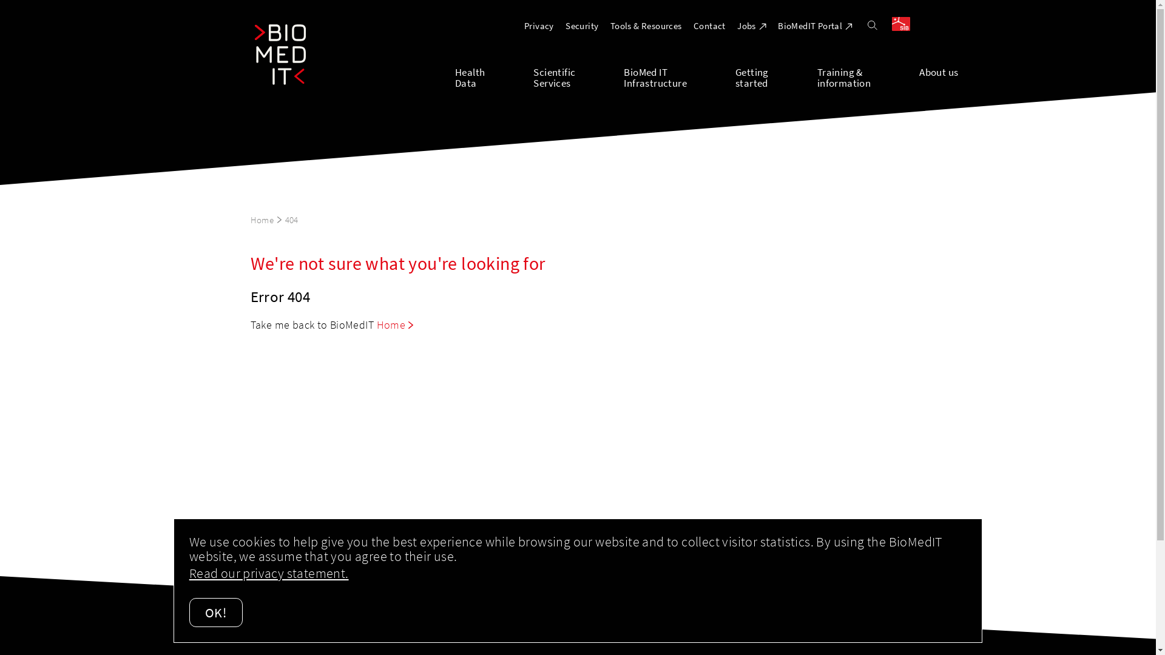  I want to click on 'About us', so click(937, 76).